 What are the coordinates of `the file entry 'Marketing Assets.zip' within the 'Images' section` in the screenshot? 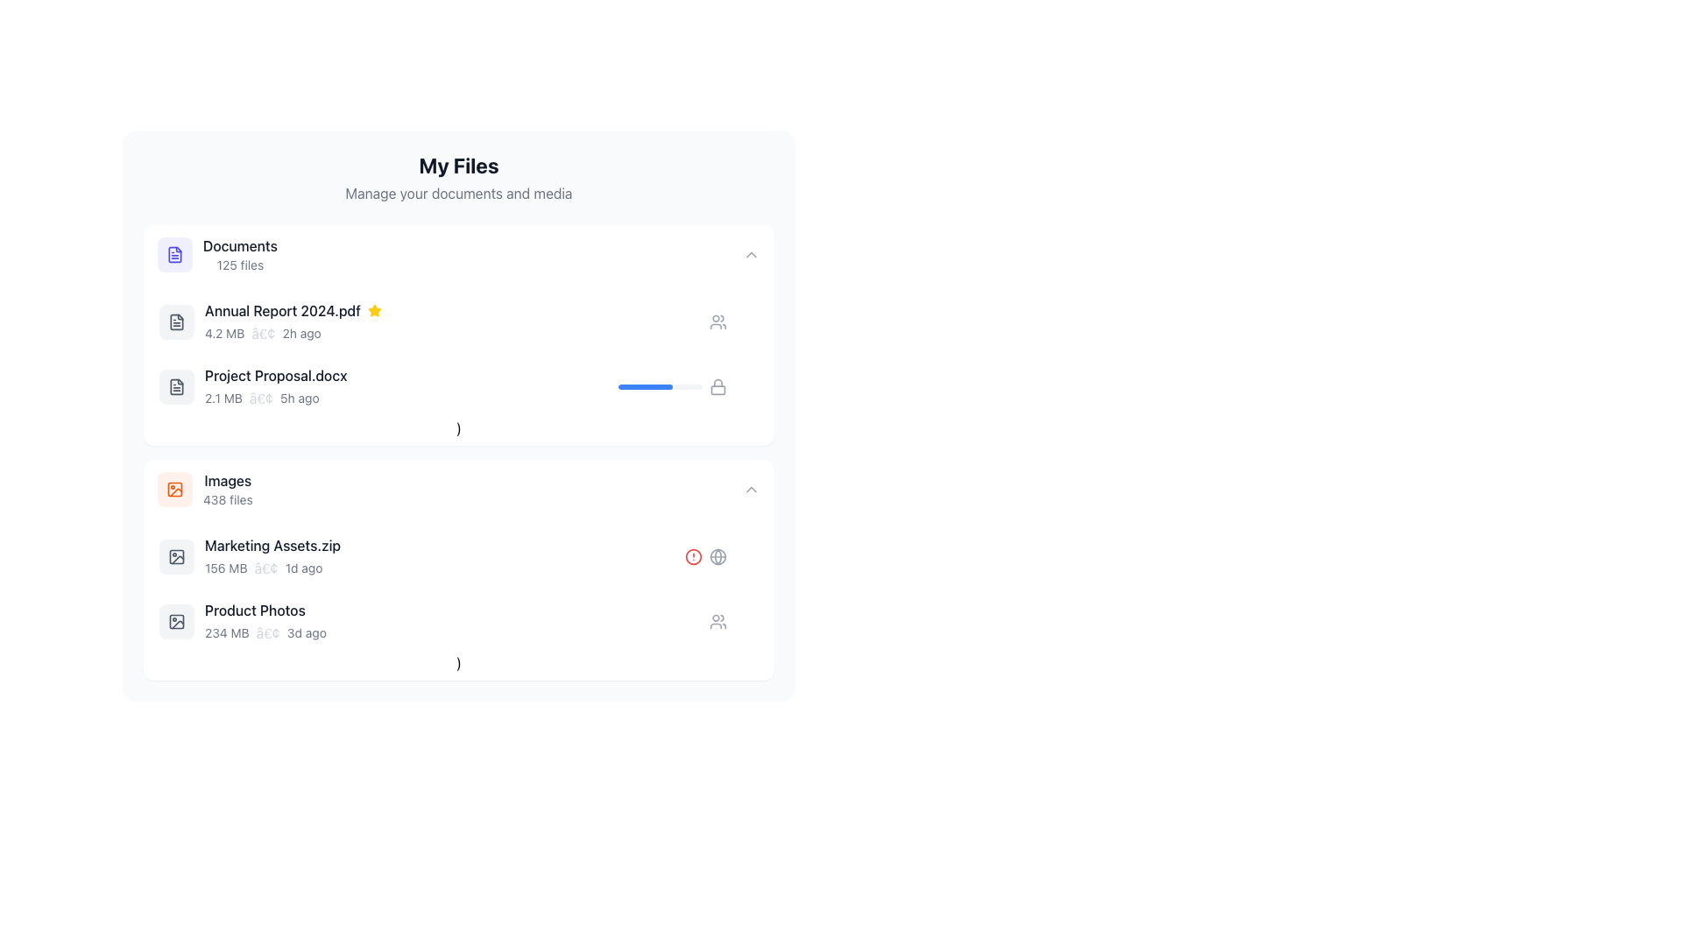 It's located at (458, 570).